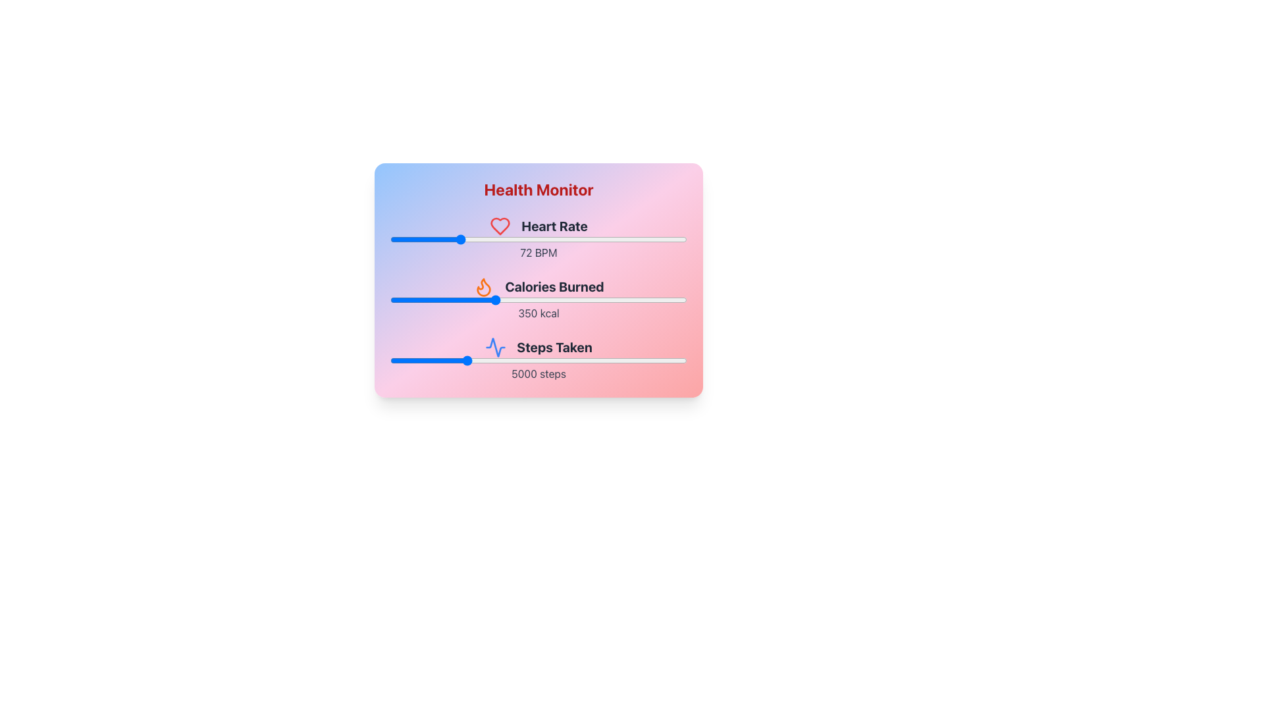 The height and width of the screenshot is (711, 1264). I want to click on the heart rate icon, which is a visual representation of the heart rate metric located to the left of the text 'Heart Rate' in the top section of the interface, so click(500, 225).